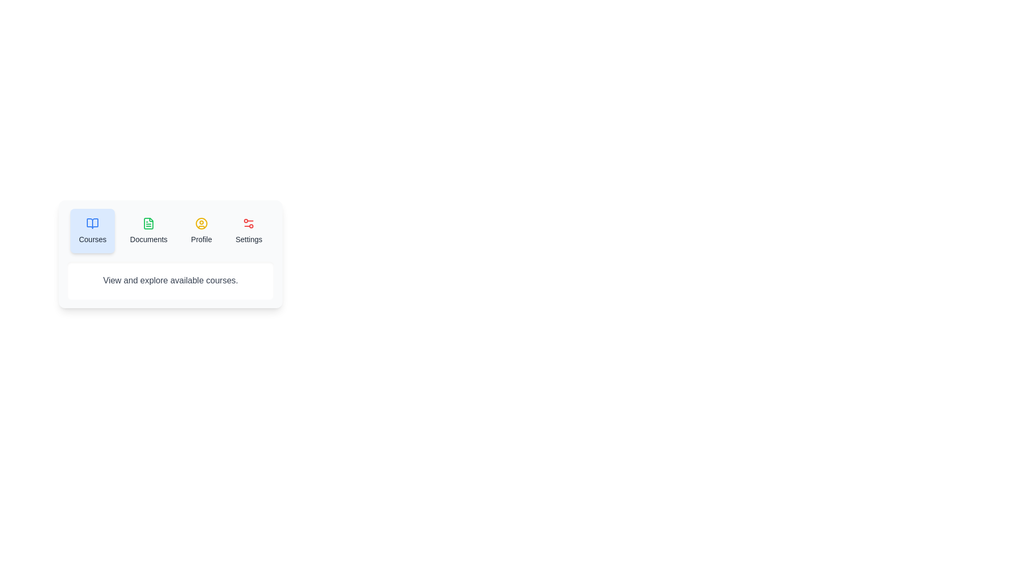 Image resolution: width=1016 pixels, height=571 pixels. What do you see at coordinates (201, 230) in the screenshot?
I see `the tab labeled Profile to display its content` at bounding box center [201, 230].